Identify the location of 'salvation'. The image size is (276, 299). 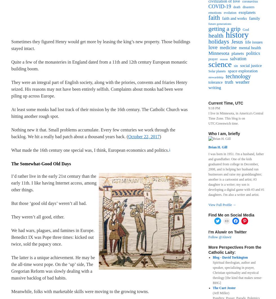
(238, 58).